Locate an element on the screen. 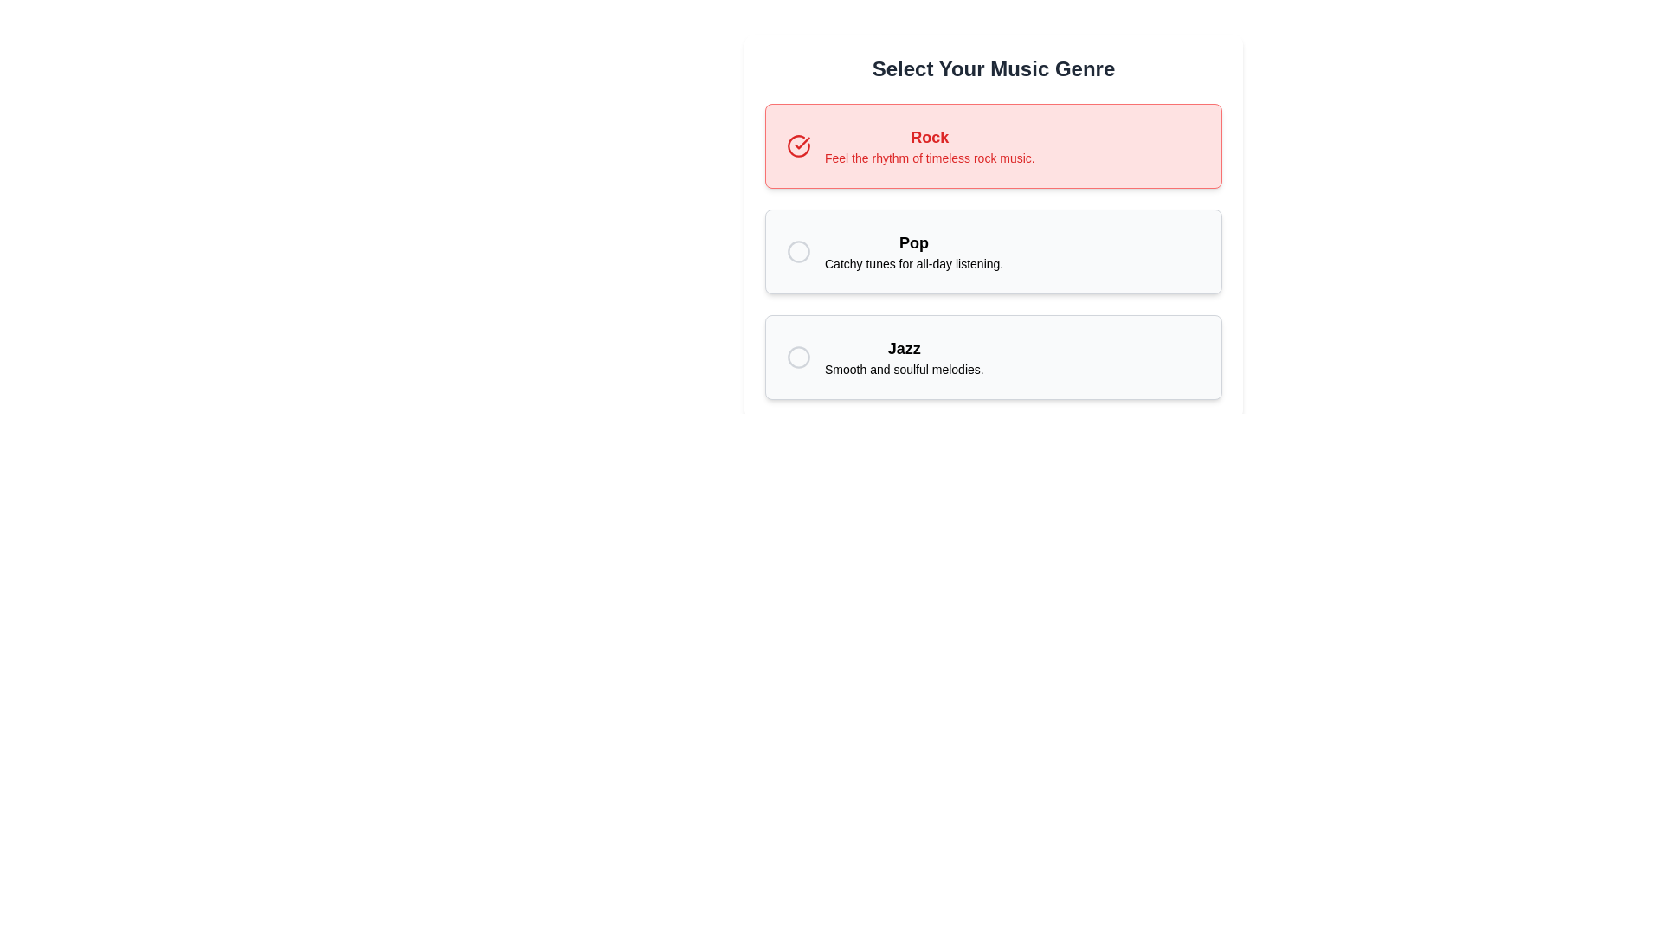 The height and width of the screenshot is (935, 1662). the 'Jazz' title text label within the 'Select Your Music Genre' section, which is positioned above the lower description text and below the 'Pop' option is located at coordinates (903, 348).